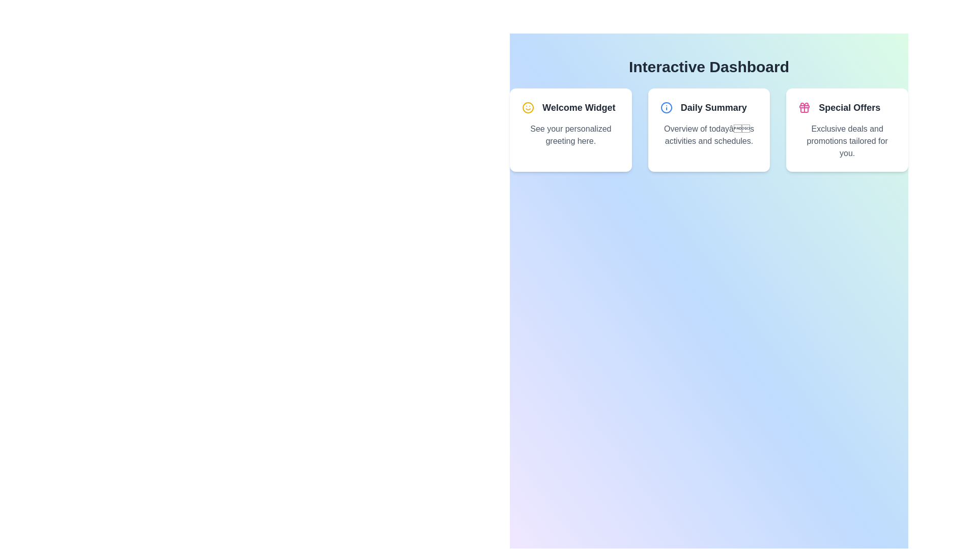  What do you see at coordinates (847, 141) in the screenshot?
I see `the descriptive text located below the 'Special Offers' header in the third card from the left, emphasizing its relevance to the user` at bounding box center [847, 141].